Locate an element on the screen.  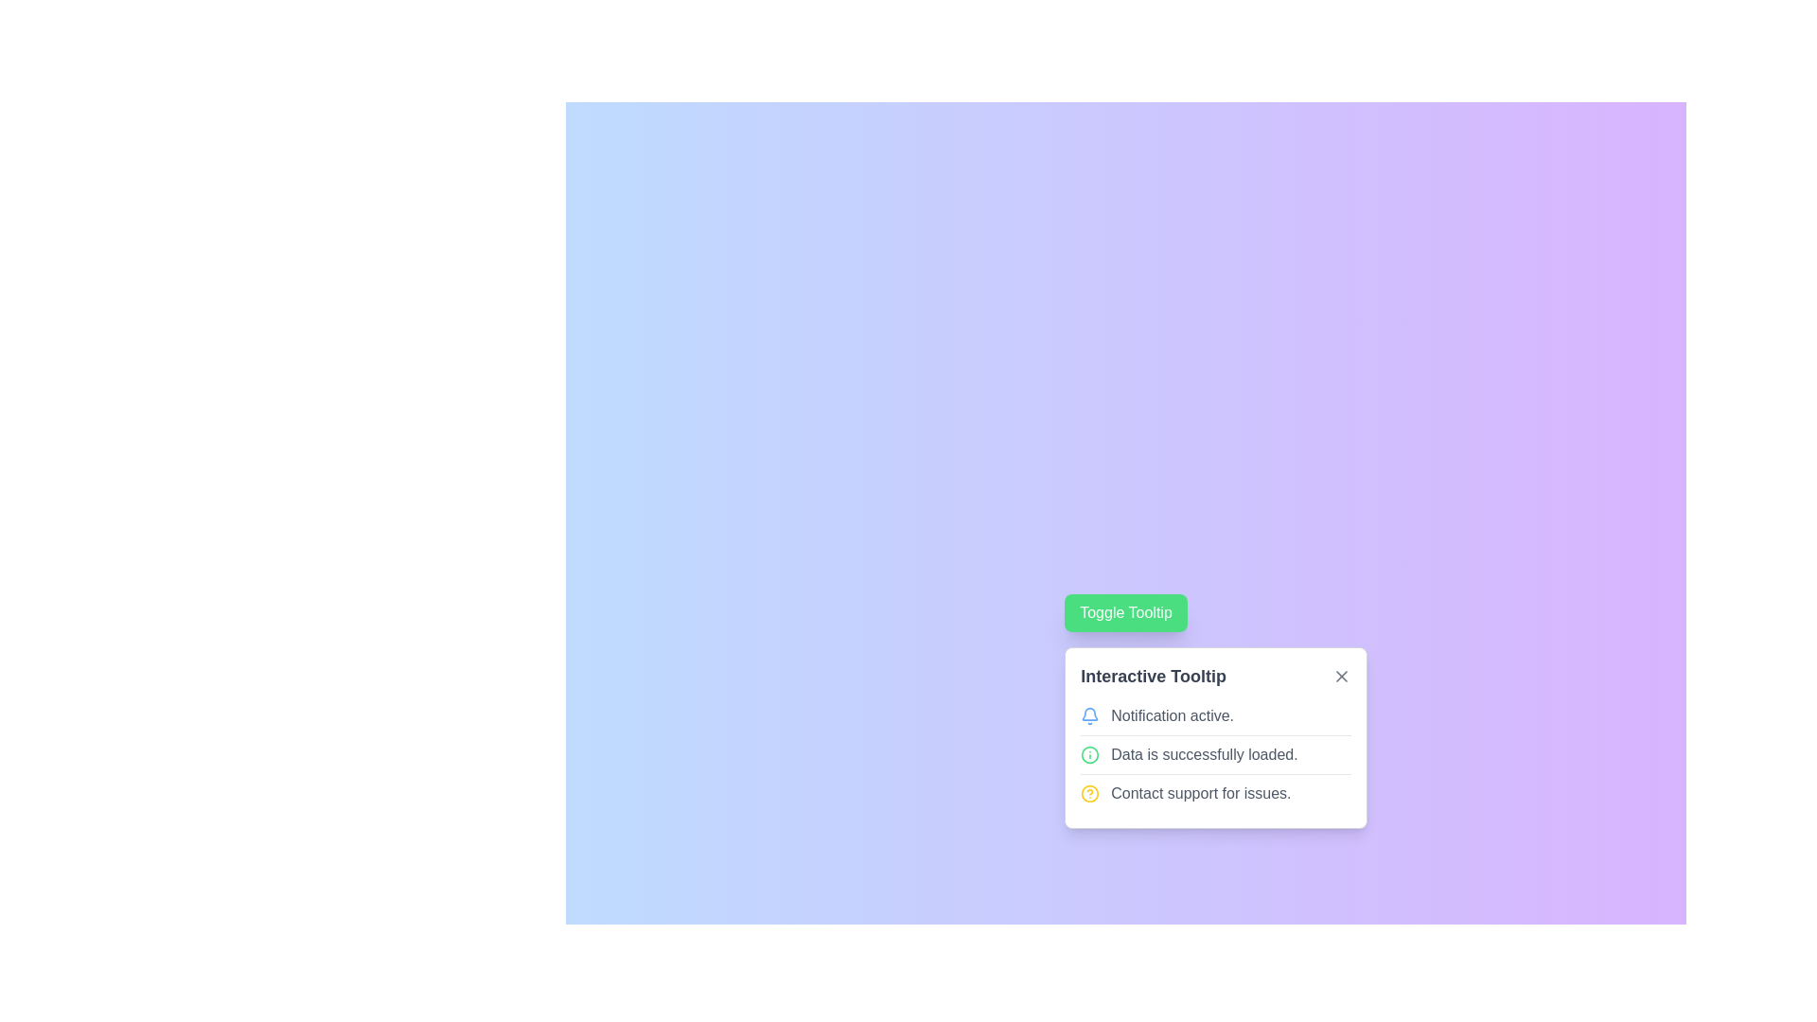
the notification message text label that provides feedback about the current activity or status, located in the tooltip near the top-left is located at coordinates (1172, 715).